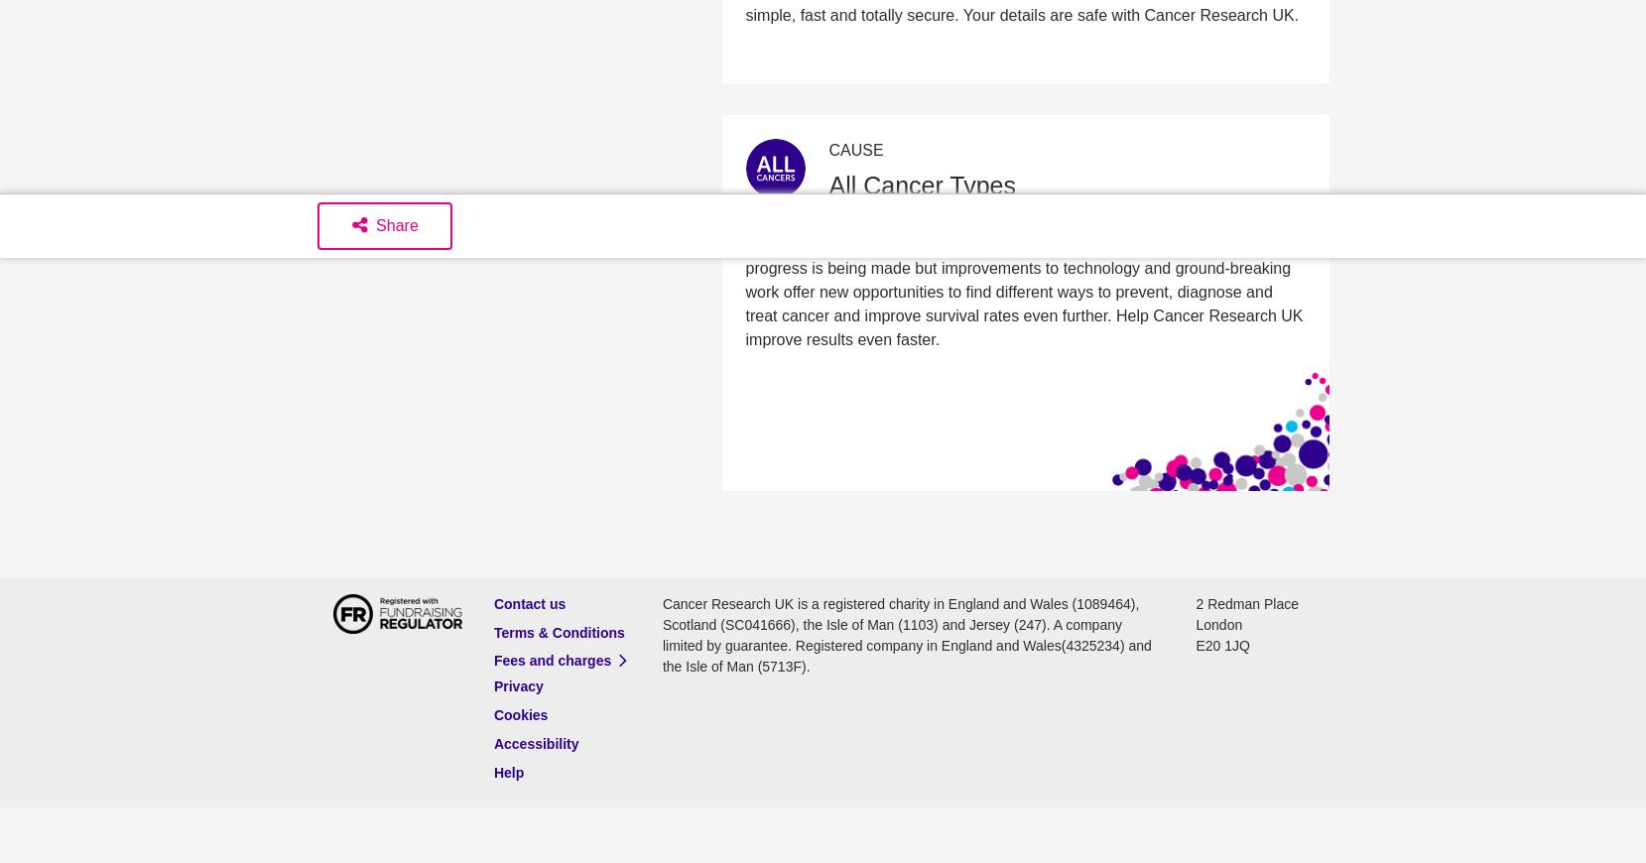 The height and width of the screenshot is (863, 1646). What do you see at coordinates (516, 685) in the screenshot?
I see `'Privacy'` at bounding box center [516, 685].